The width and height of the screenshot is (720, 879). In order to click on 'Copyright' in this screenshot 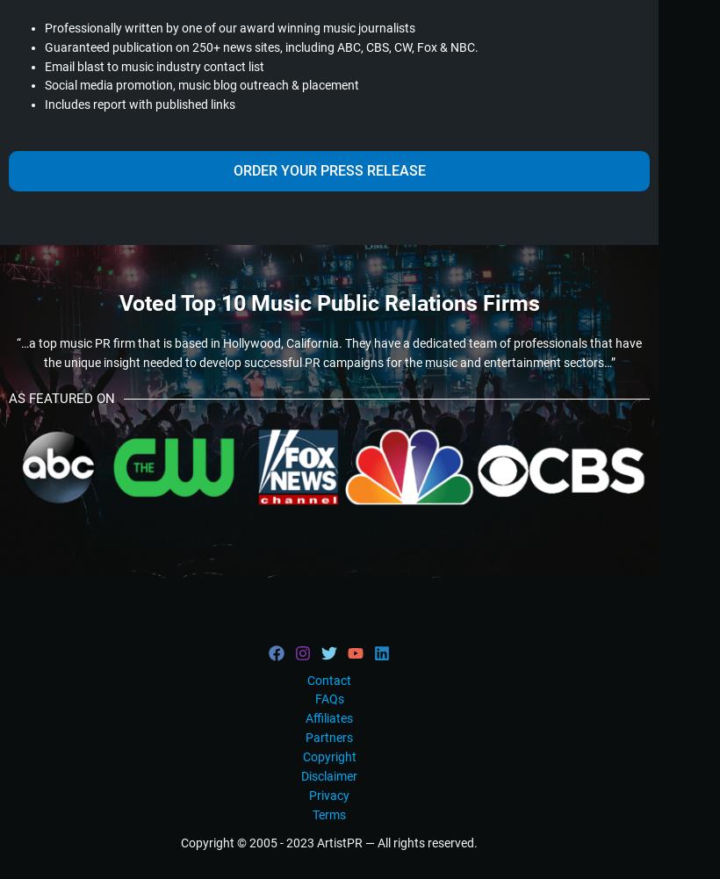, I will do `click(328, 756)`.